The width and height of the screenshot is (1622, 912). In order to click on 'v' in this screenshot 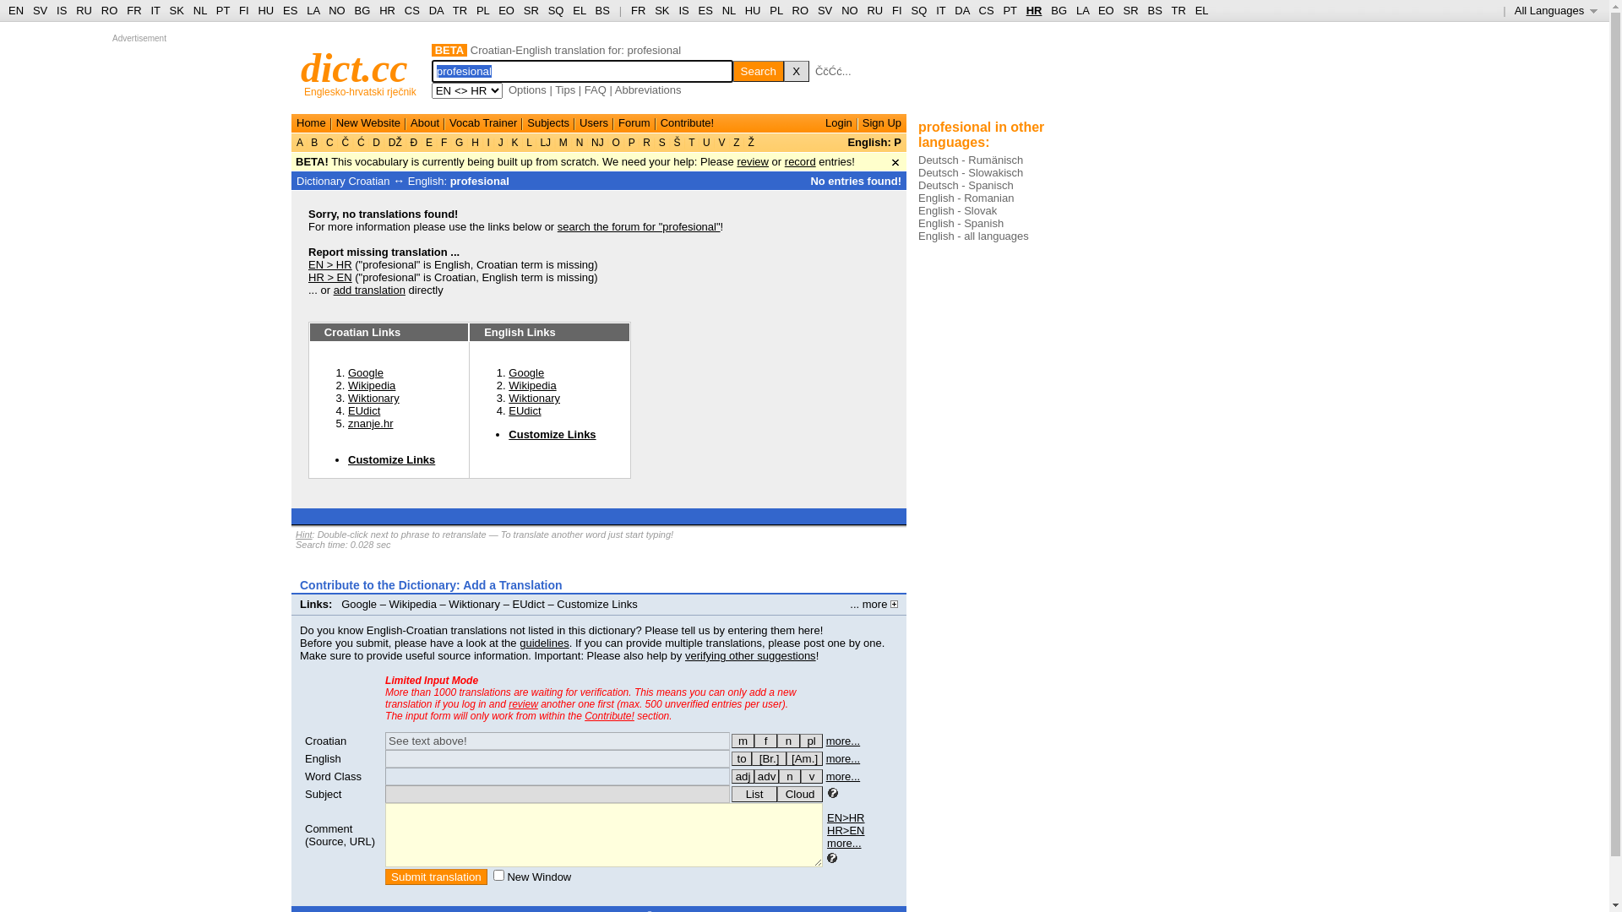, I will do `click(811, 776)`.